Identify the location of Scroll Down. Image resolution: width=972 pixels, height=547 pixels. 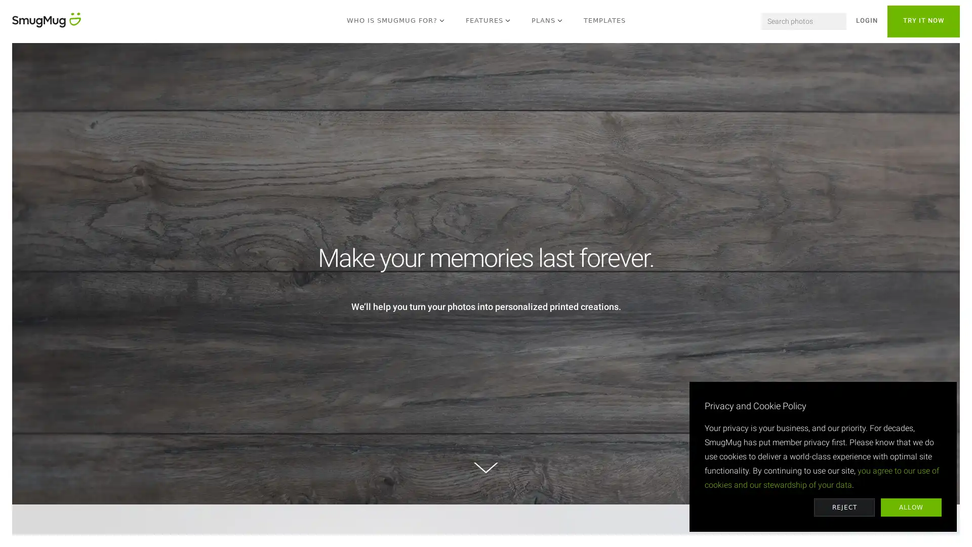
(486, 468).